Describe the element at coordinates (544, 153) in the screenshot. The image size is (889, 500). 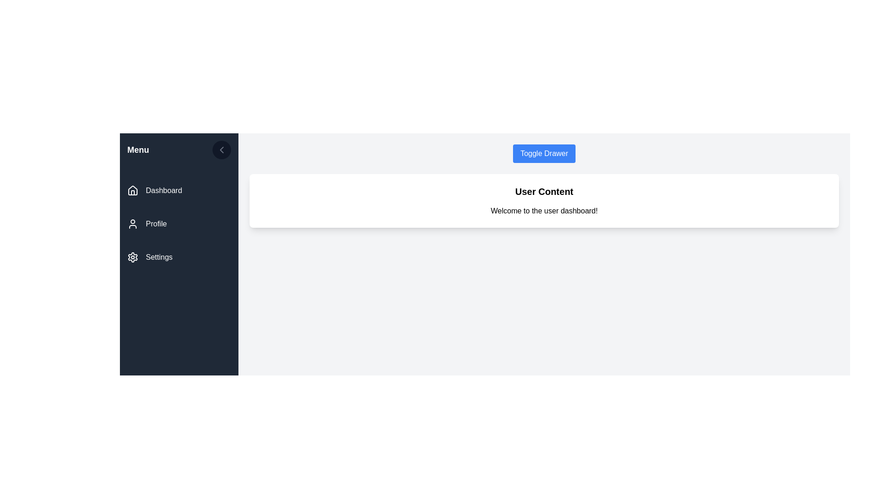
I see `the button located at the top-right section of the main content area` at that location.